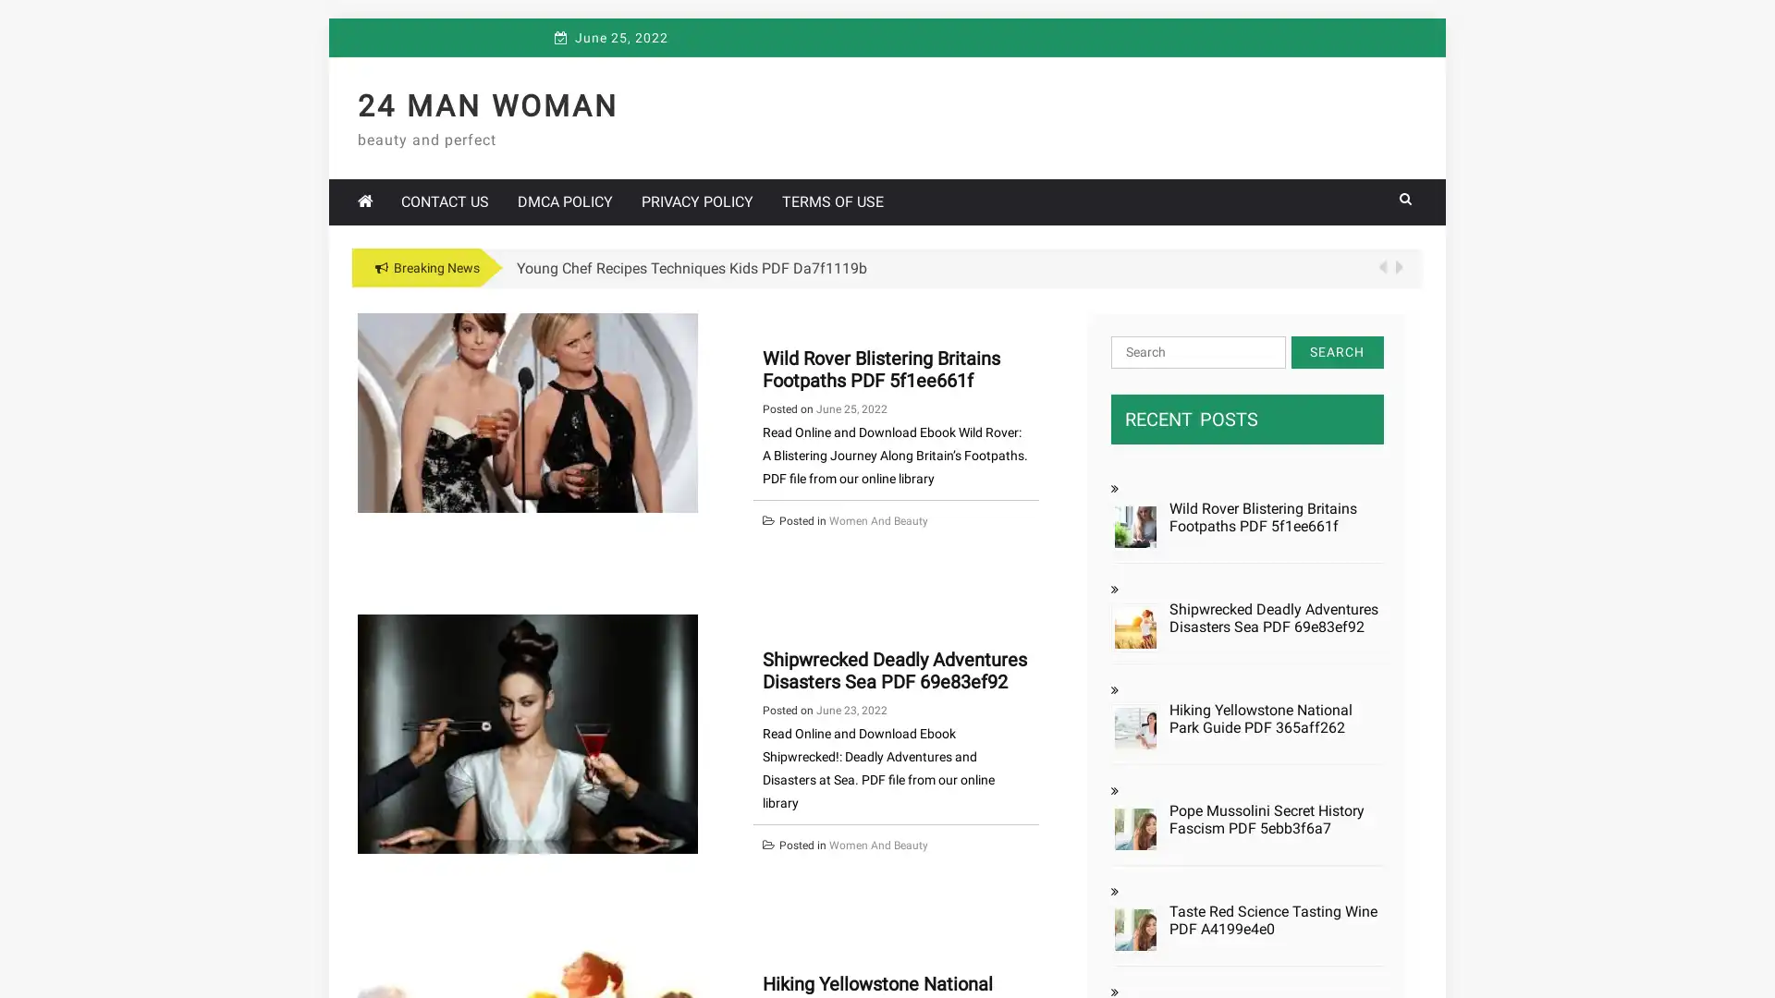 This screenshot has height=998, width=1775. Describe the element at coordinates (1336, 351) in the screenshot. I see `Search` at that location.